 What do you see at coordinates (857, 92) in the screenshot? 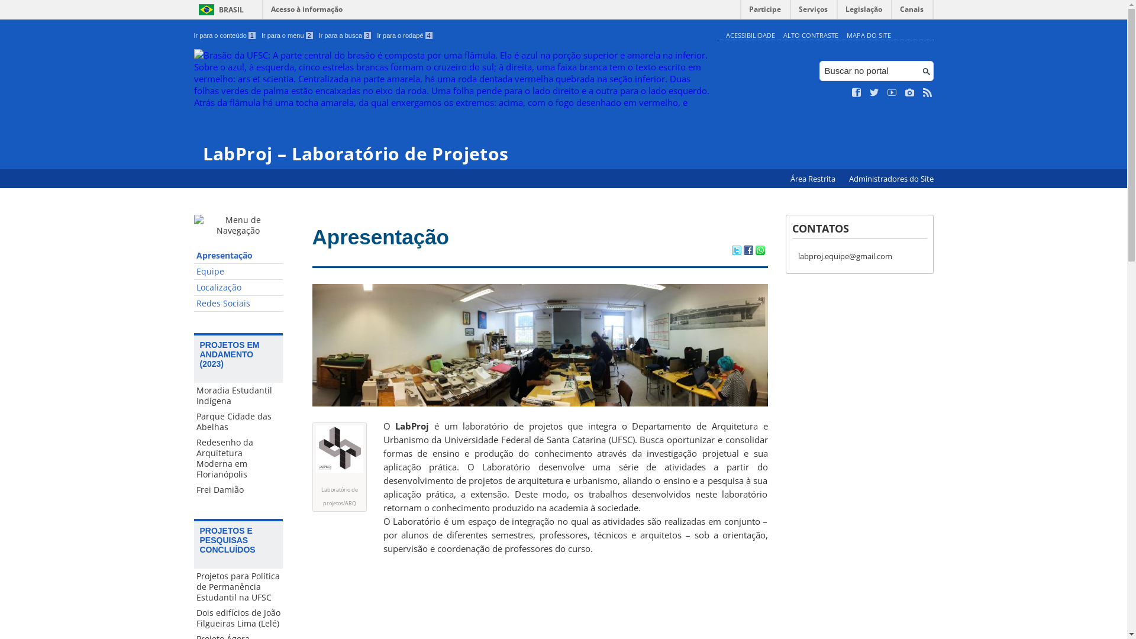
I see `'Curta no Facebook'` at bounding box center [857, 92].